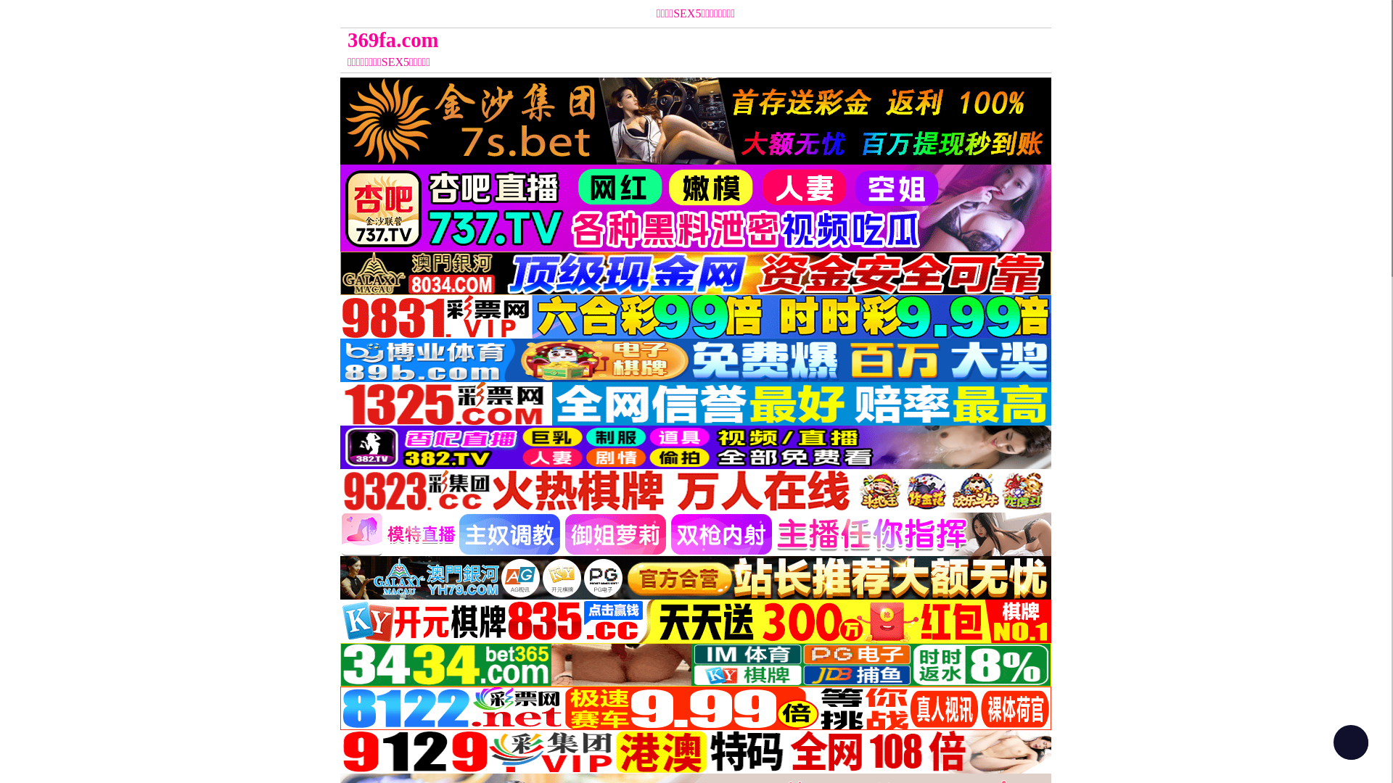 The image size is (1393, 783). Describe the element at coordinates (607, 39) in the screenshot. I see `'369fa.com'` at that location.